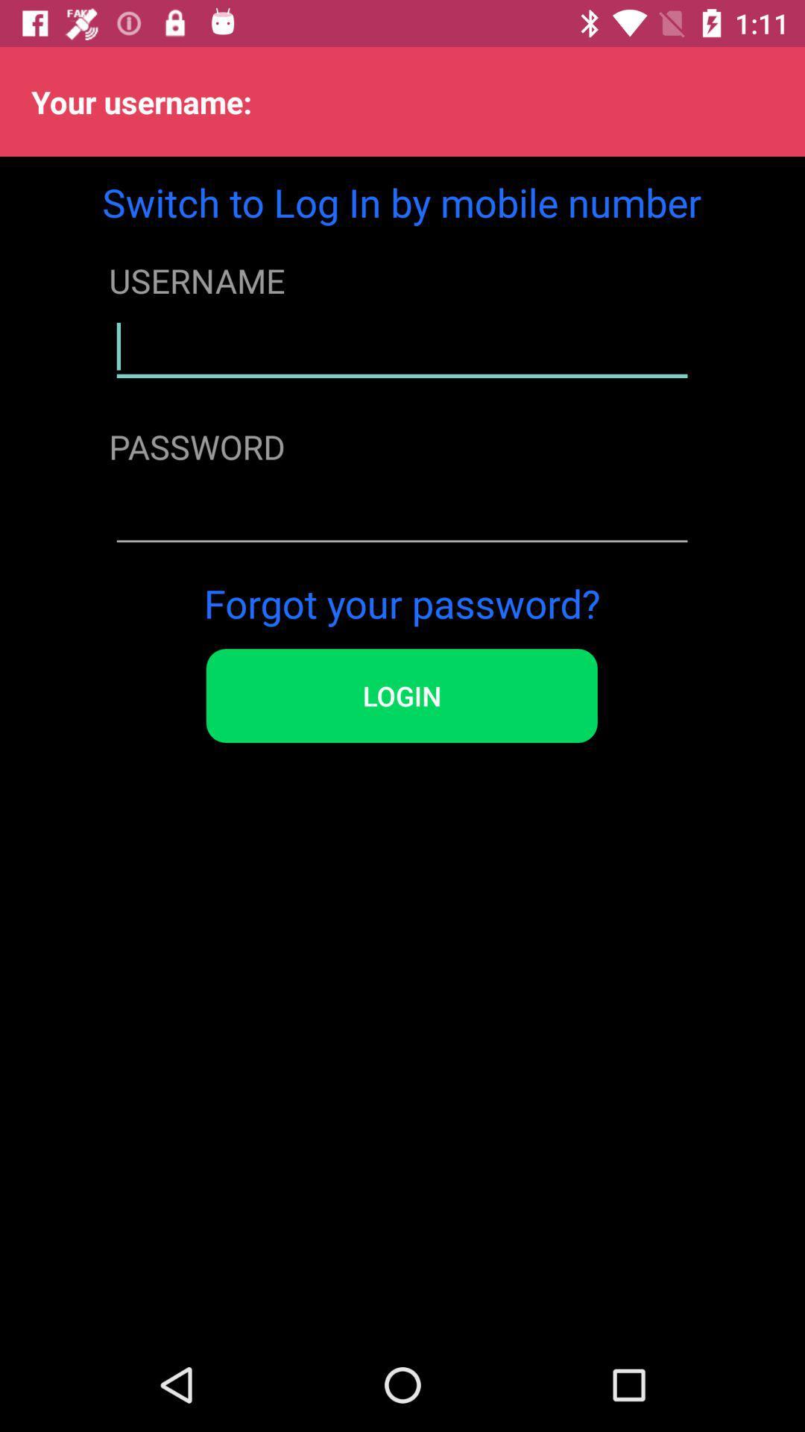 The width and height of the screenshot is (805, 1432). I want to click on switch to log icon, so click(401, 201).